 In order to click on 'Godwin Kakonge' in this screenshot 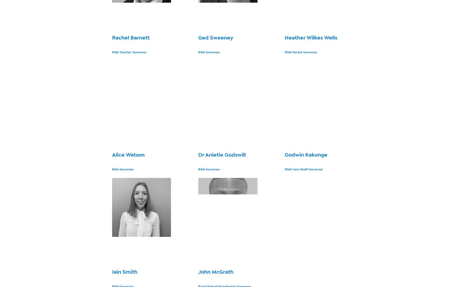, I will do `click(306, 154)`.